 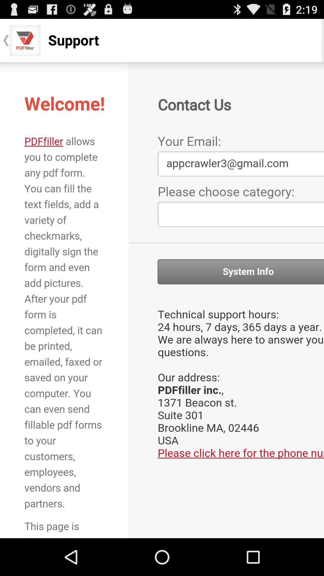 I want to click on main page, so click(x=162, y=300).